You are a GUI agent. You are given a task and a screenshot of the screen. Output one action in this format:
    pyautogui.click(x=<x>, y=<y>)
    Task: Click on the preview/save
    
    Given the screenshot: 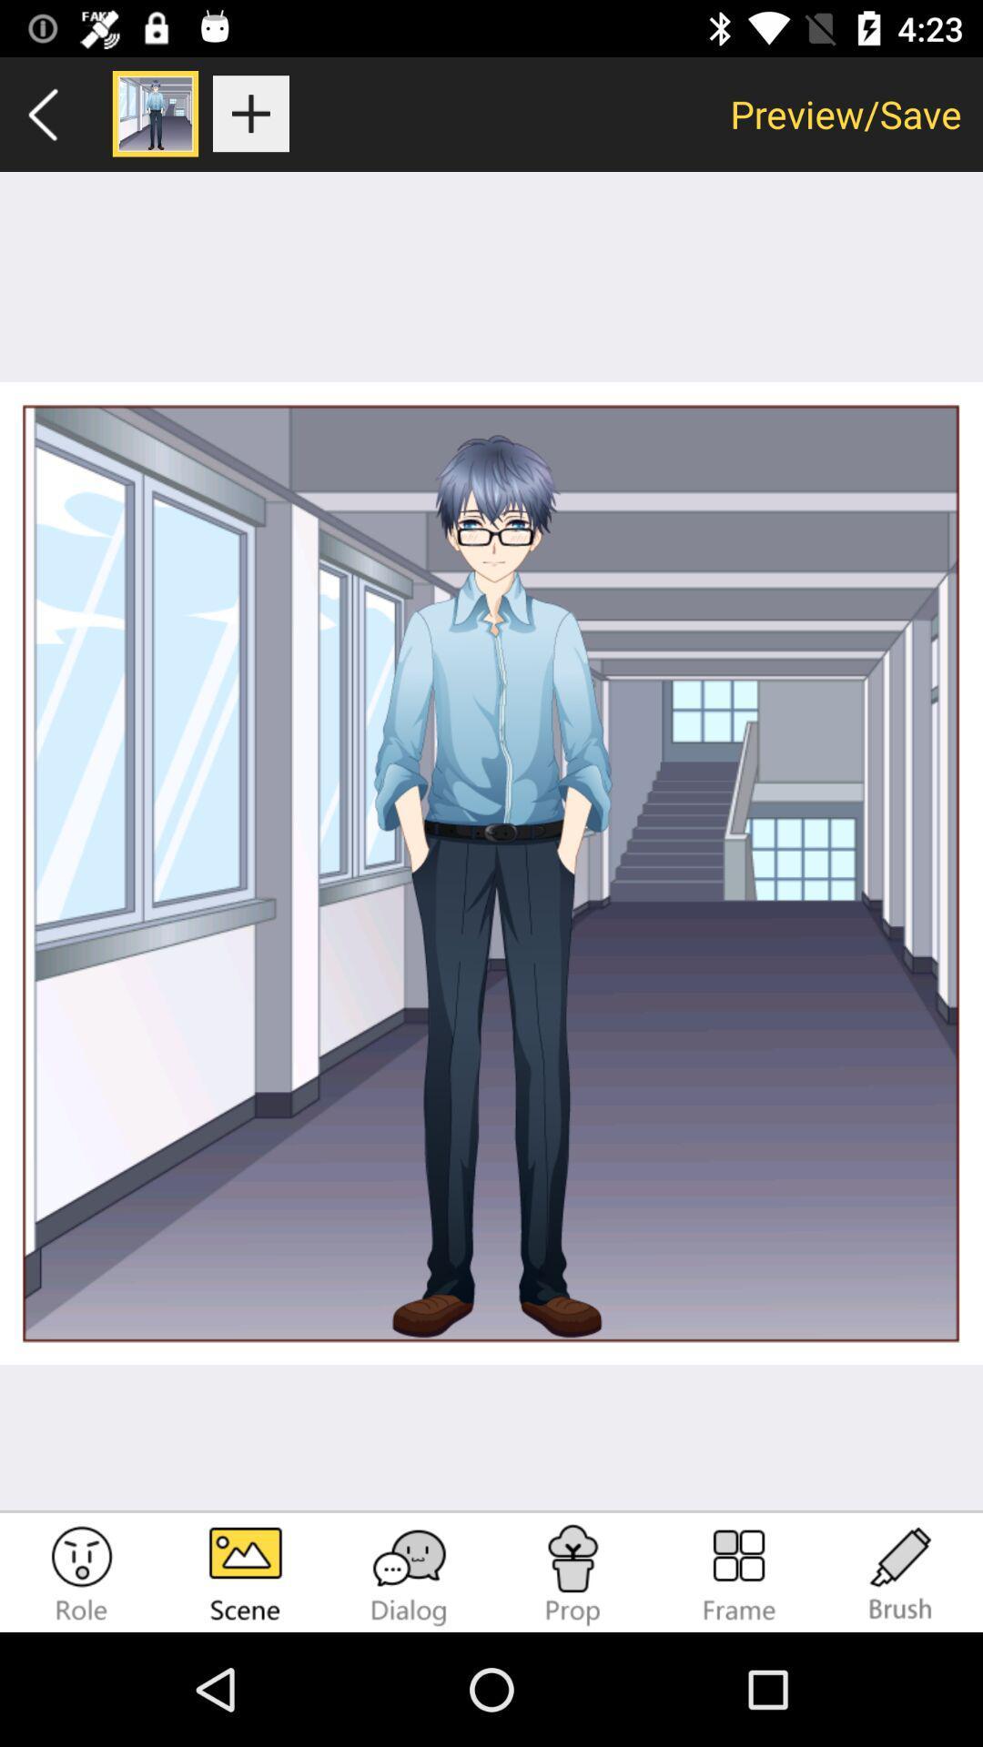 What is the action you would take?
    pyautogui.click(x=846, y=113)
    